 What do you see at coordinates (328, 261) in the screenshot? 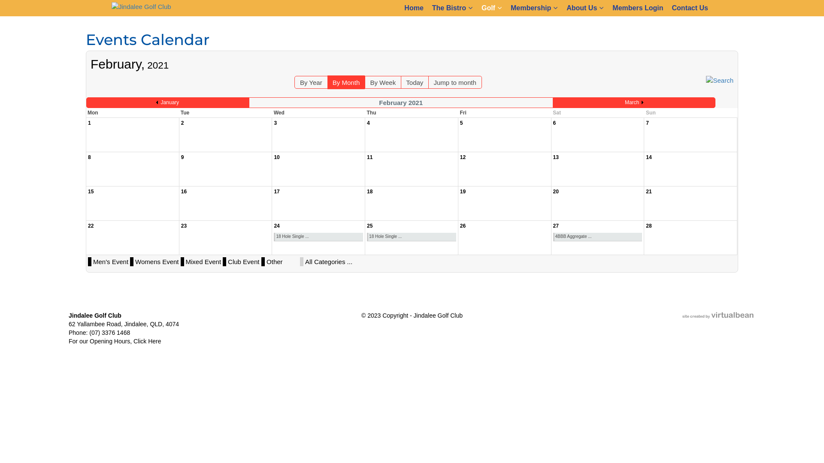
I see `'All Categories ...'` at bounding box center [328, 261].